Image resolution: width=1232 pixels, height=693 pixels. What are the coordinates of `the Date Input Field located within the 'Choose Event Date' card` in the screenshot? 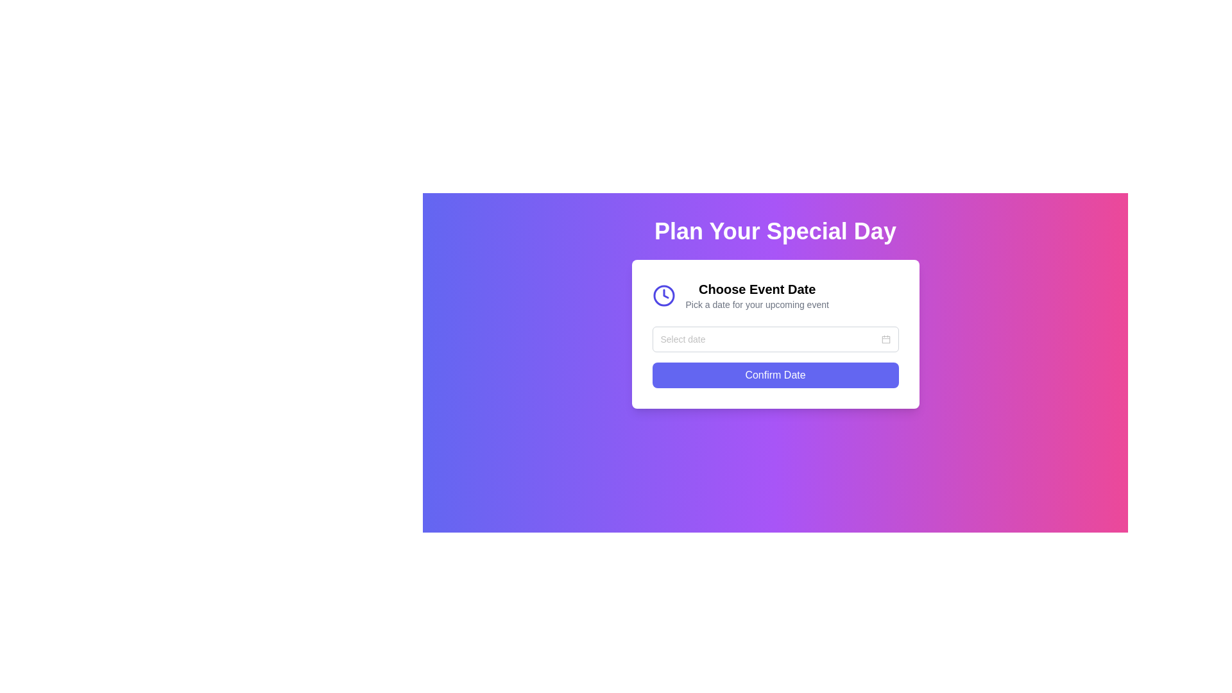 It's located at (774, 338).